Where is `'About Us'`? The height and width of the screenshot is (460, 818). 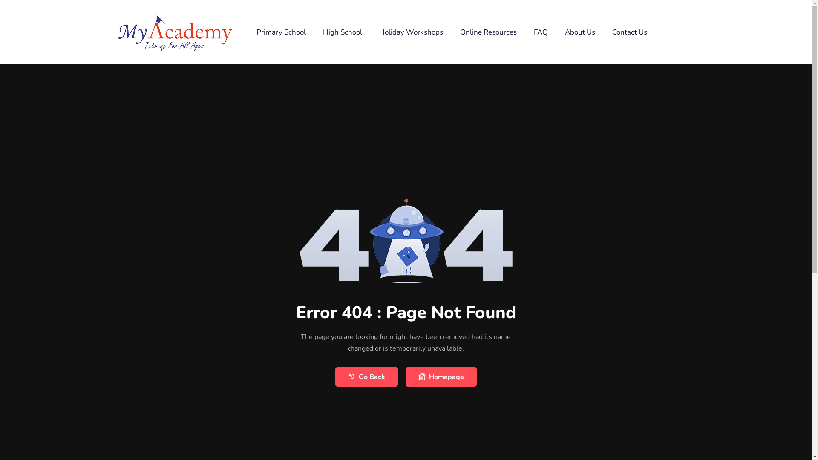
'About Us' is located at coordinates (579, 31).